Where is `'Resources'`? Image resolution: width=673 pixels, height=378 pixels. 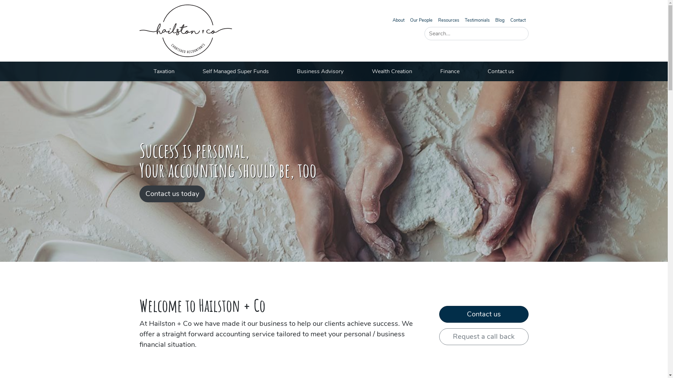 'Resources' is located at coordinates (449, 20).